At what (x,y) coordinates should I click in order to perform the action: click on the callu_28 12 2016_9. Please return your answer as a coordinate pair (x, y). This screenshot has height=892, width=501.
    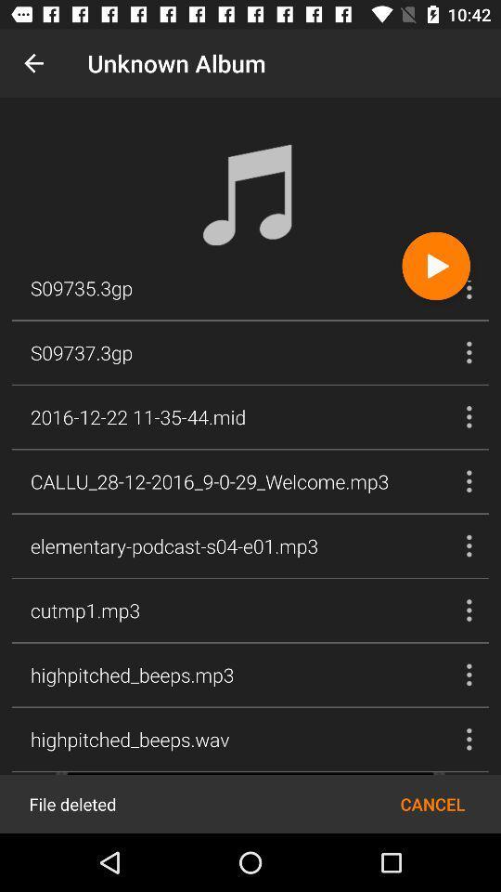
    Looking at the image, I should click on (209, 480).